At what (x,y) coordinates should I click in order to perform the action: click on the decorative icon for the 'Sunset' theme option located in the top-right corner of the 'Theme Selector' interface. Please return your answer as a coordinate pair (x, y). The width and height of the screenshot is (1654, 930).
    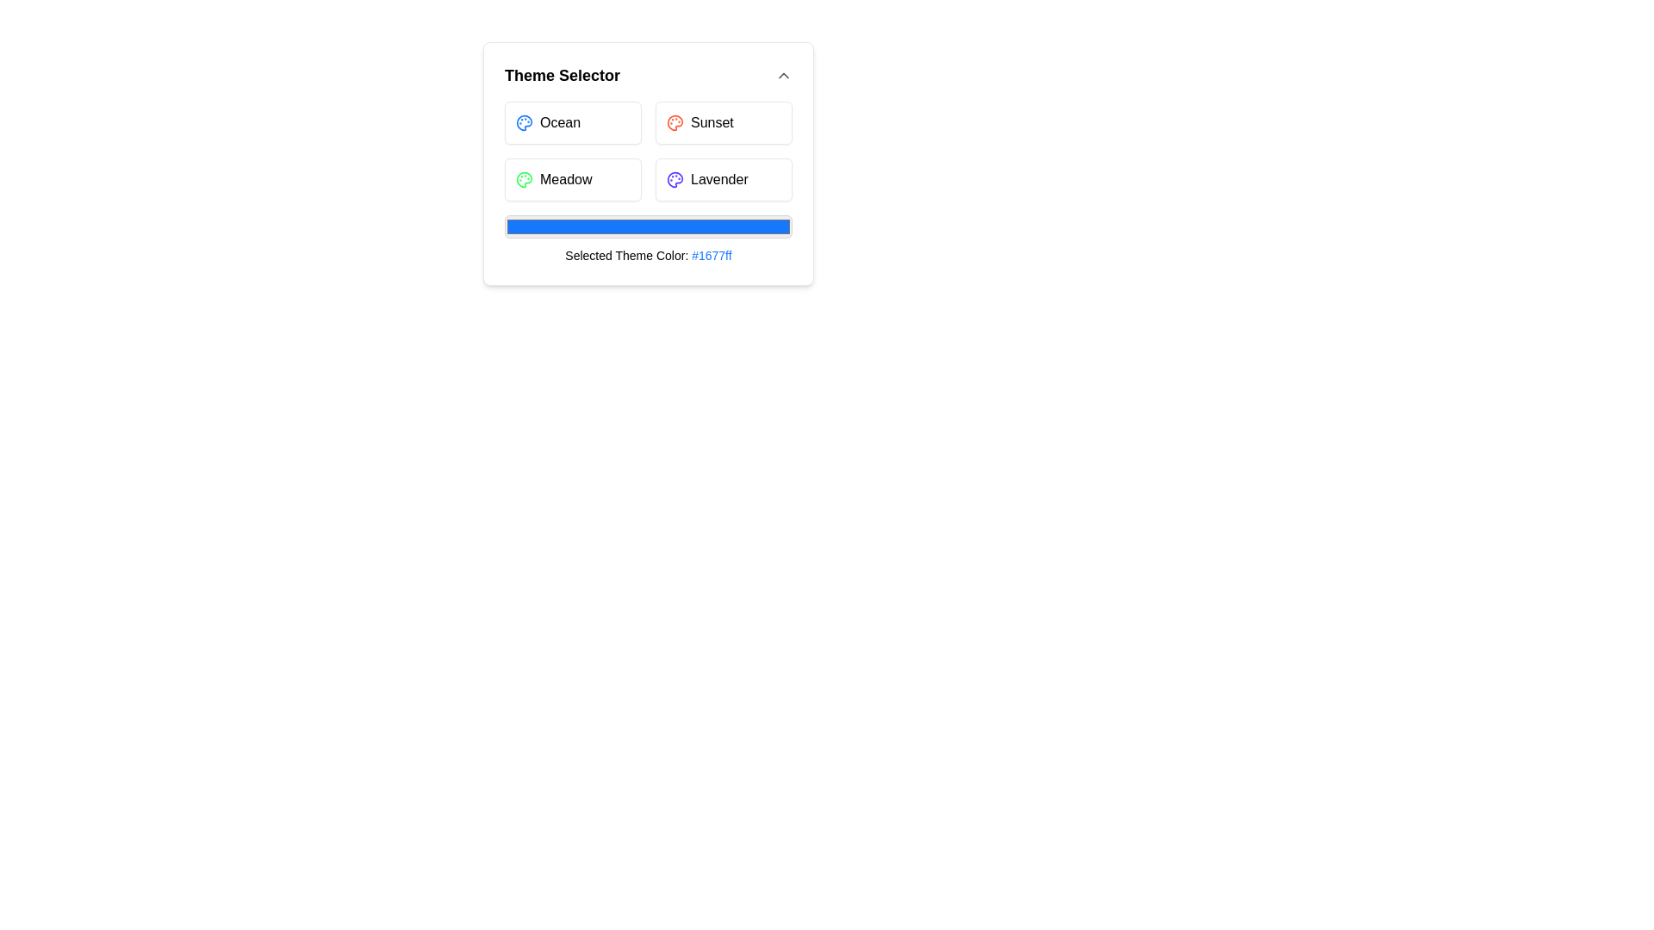
    Looking at the image, I should click on (674, 121).